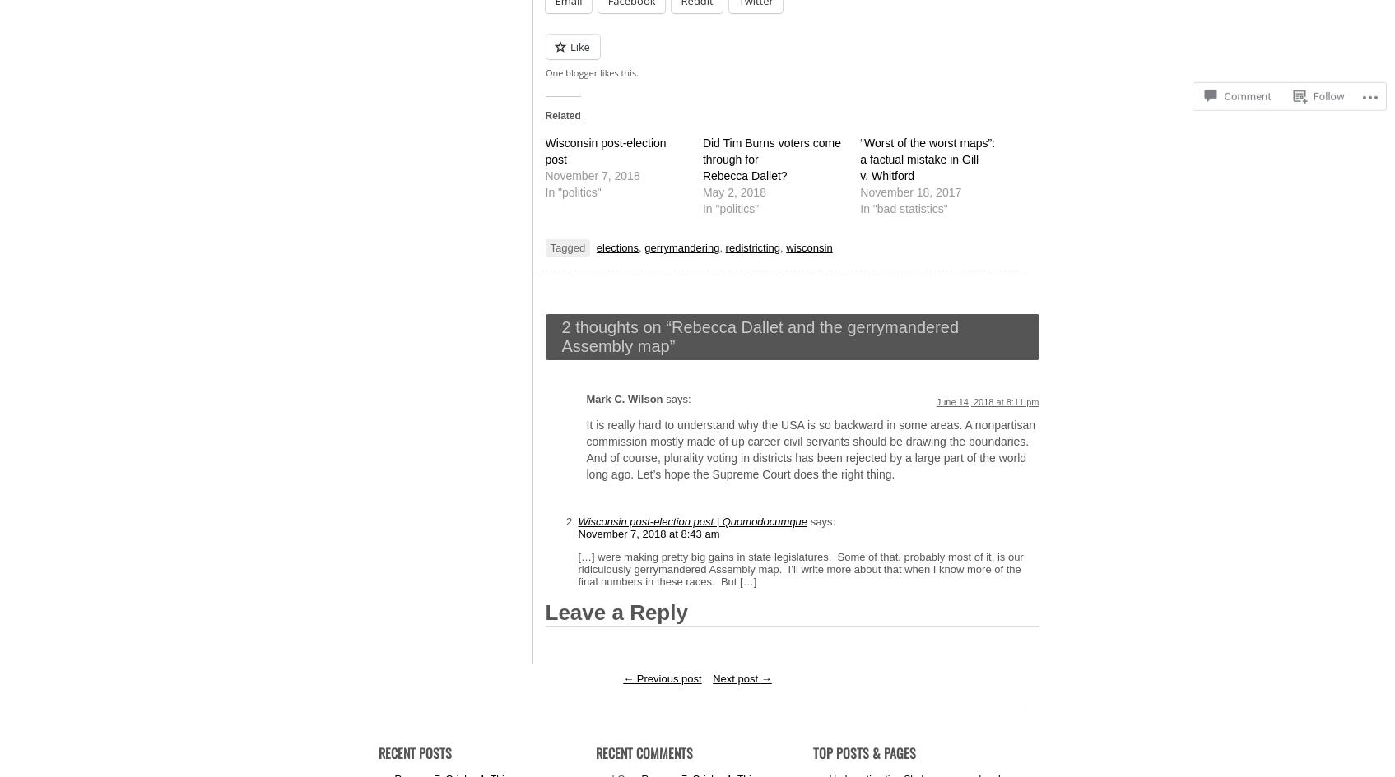 This screenshot has width=1395, height=777. Describe the element at coordinates (1312, 67) in the screenshot. I see `'Follow'` at that location.